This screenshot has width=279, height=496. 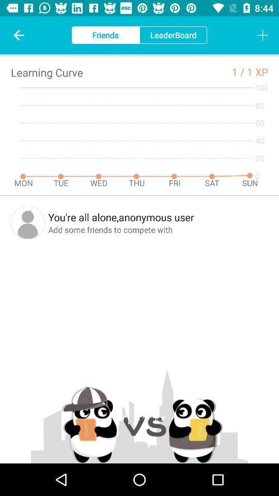 What do you see at coordinates (46, 72) in the screenshot?
I see `the icon to the left of the 1 /  icon` at bounding box center [46, 72].